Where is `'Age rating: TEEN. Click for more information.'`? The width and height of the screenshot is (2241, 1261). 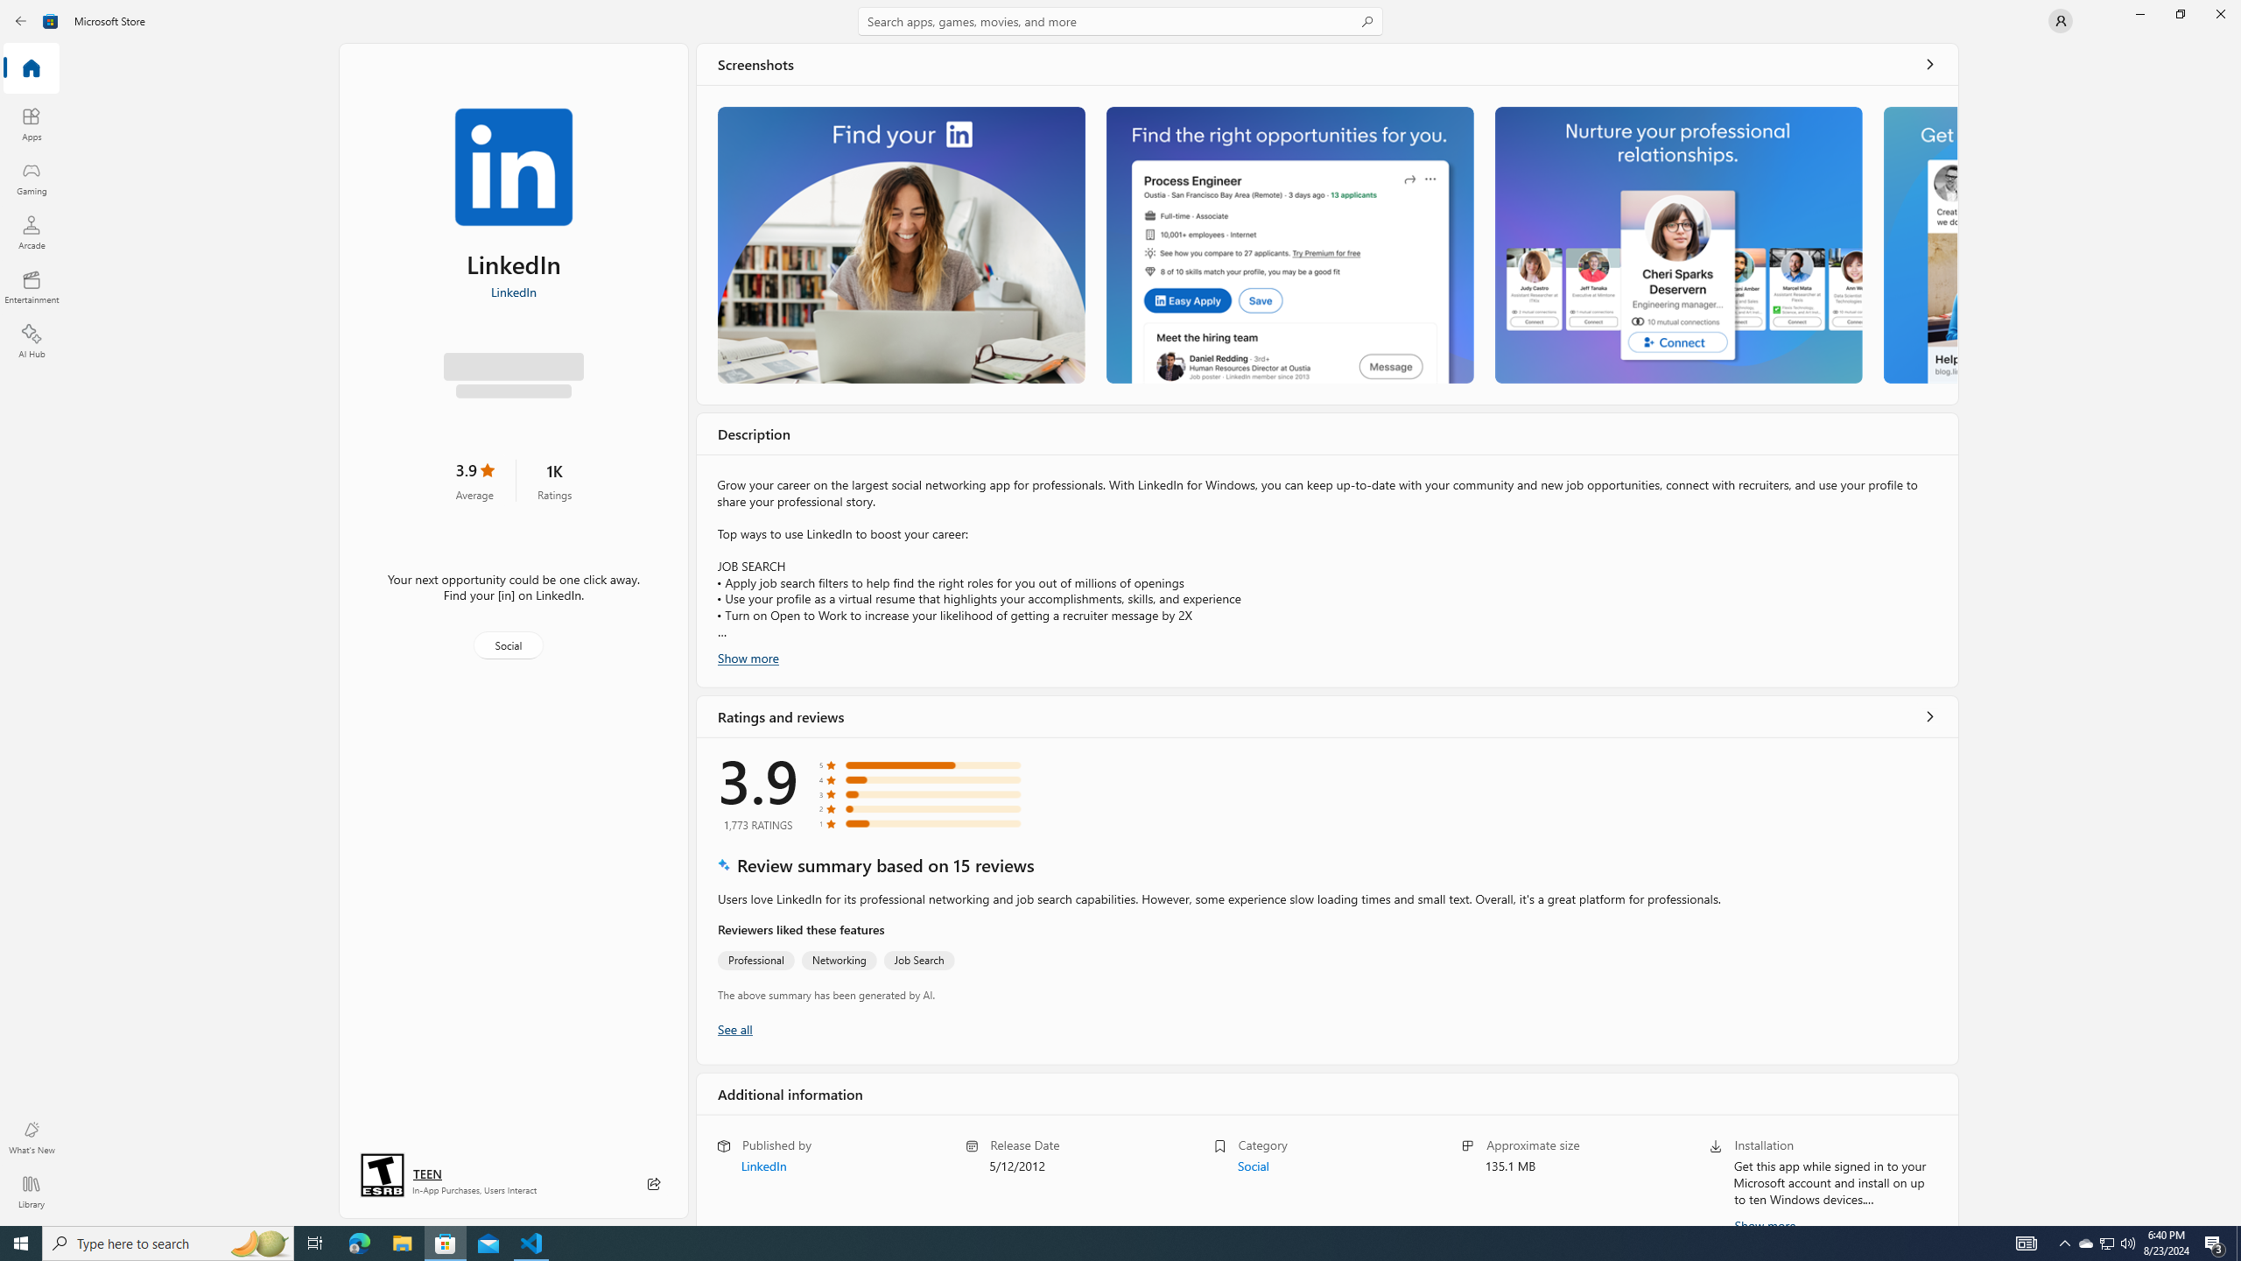
'Age rating: TEEN. Click for more information.' is located at coordinates (425, 1173).